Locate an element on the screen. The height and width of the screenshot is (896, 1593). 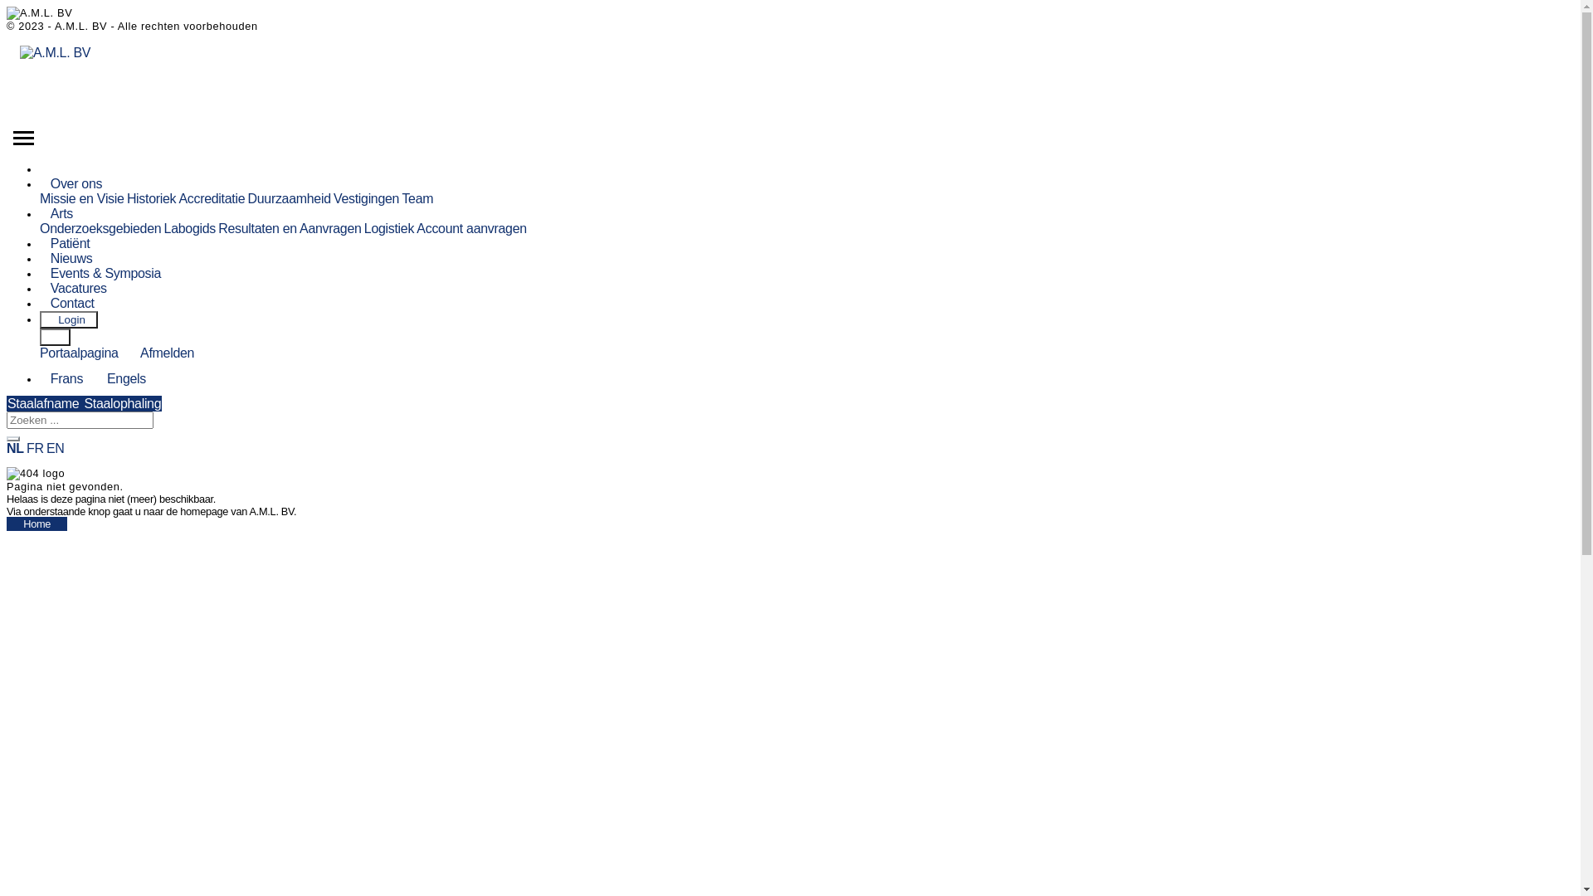
'Missie en Visie' is located at coordinates (81, 197).